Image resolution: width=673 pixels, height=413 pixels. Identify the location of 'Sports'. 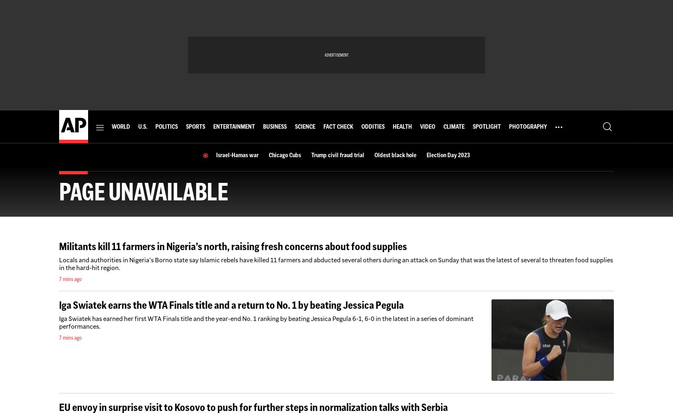
(195, 126).